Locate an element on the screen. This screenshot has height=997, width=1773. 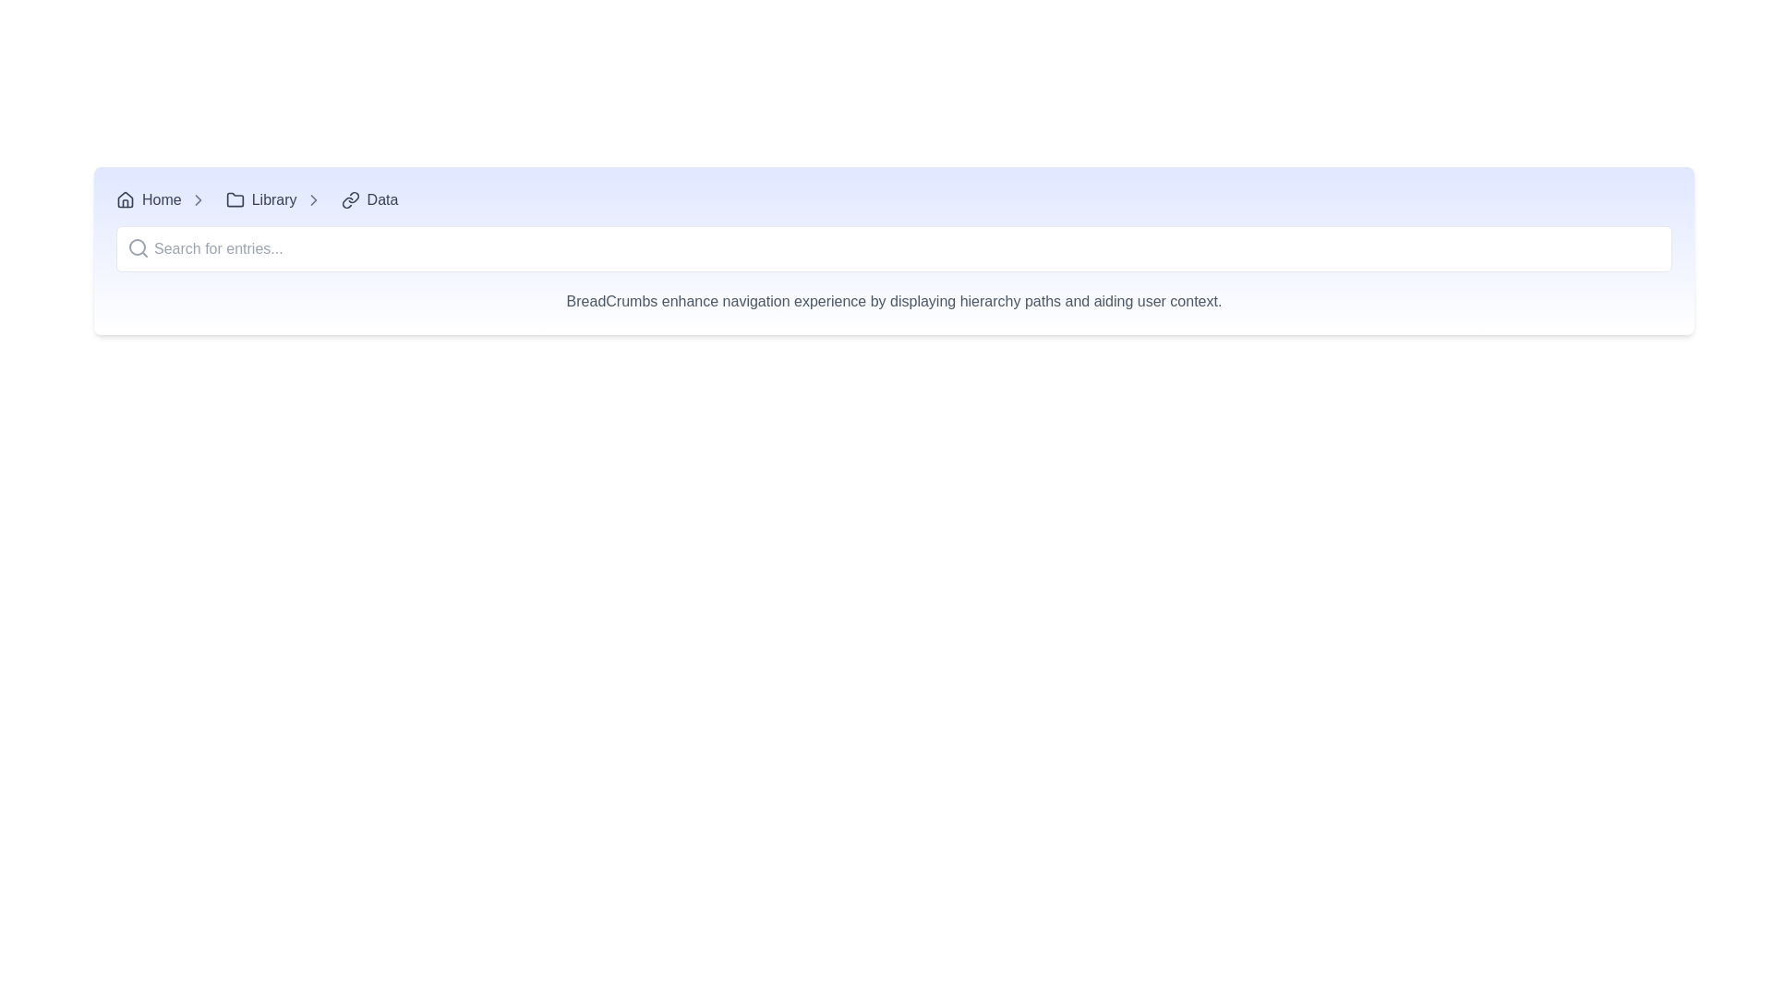
the chain or link icon in the breadcrumb navigation bar, which is located adjacent to the 'Data' text label is located at coordinates (353, 198).